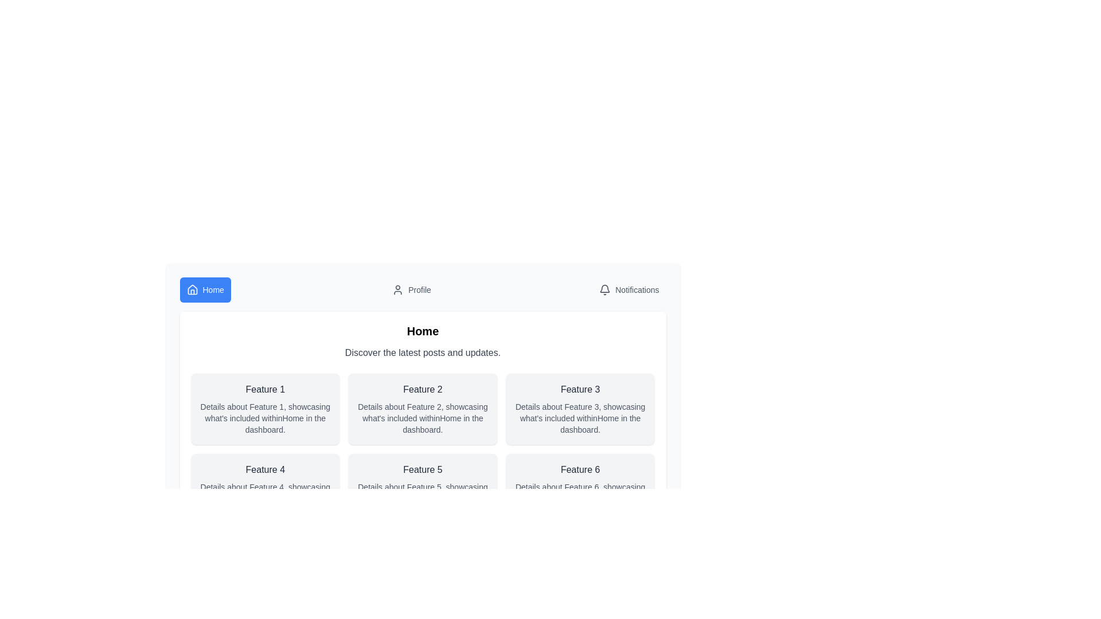 The image size is (1101, 619). I want to click on text presented on the Informational card showcasing 'Feature 1' located at the top-left position of the dashboard grid under the 'Home' heading, so click(264, 408).